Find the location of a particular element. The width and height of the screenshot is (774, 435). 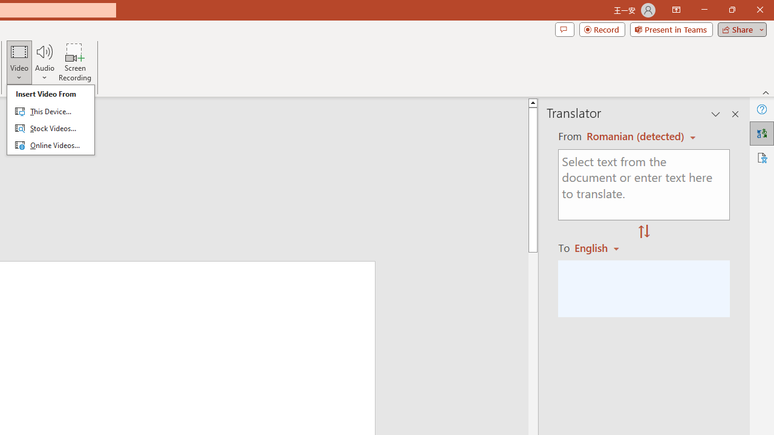

'Romanian (detected)' is located at coordinates (633, 136).